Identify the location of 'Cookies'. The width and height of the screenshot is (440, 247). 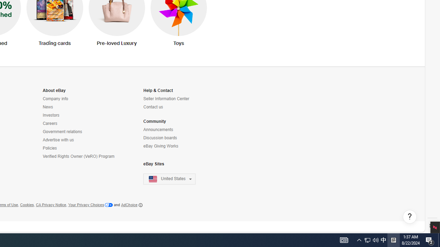
(27, 204).